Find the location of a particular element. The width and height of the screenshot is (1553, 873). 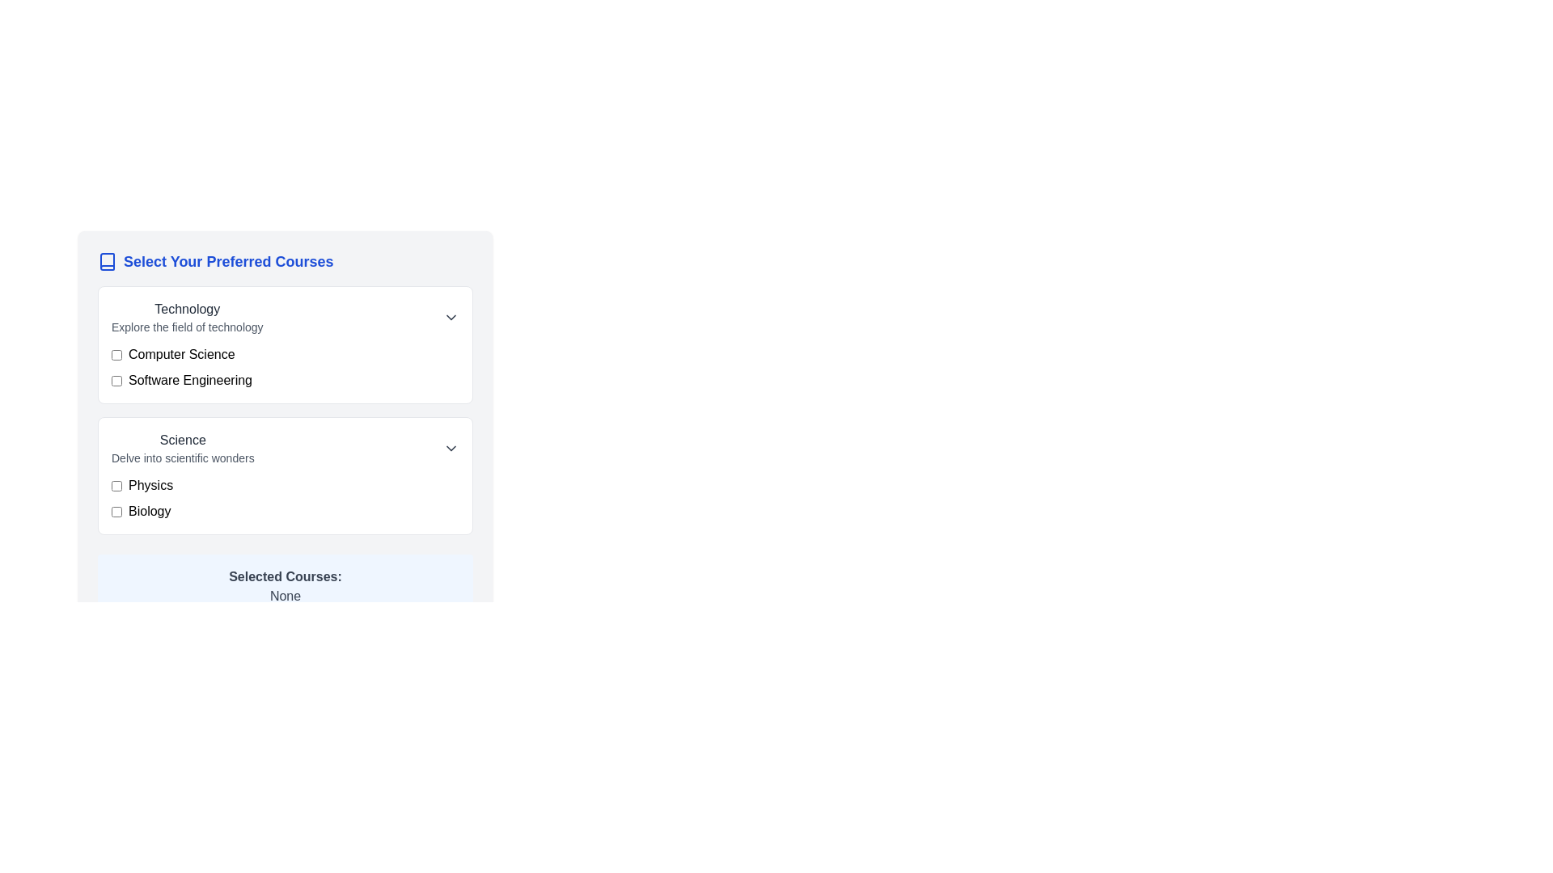

the list item with the text 'Software Engineering' and its adjacent checkbox by tab focusing on it is located at coordinates (286, 380).